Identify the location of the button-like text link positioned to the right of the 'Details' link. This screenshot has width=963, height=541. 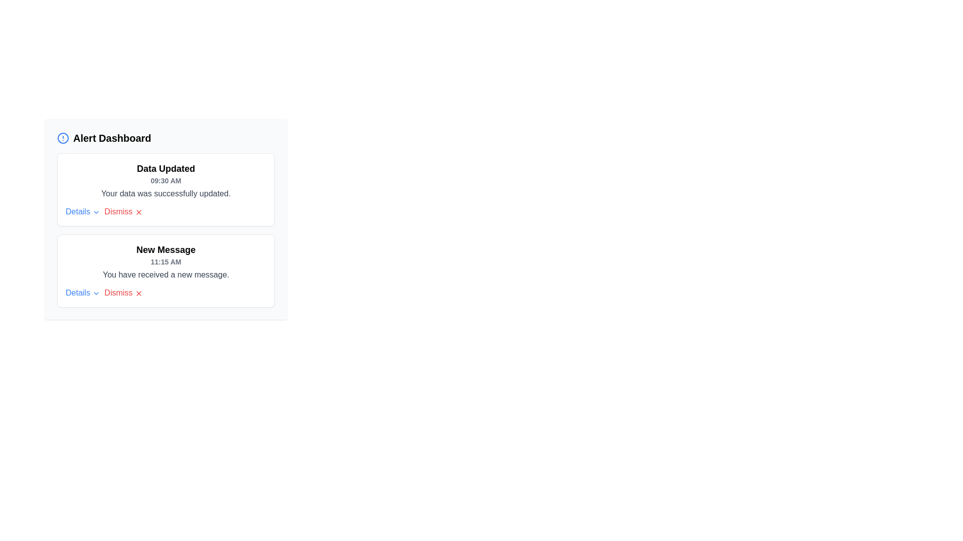
(123, 293).